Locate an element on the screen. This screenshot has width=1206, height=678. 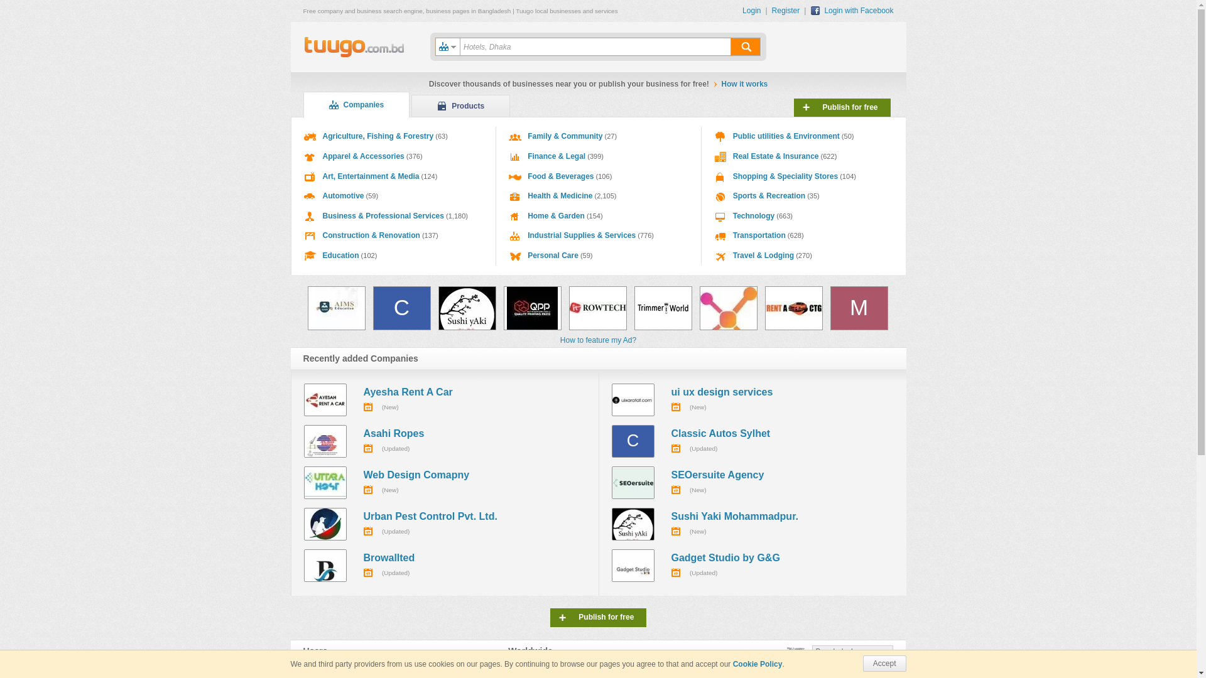
'How to feature my Ad?' is located at coordinates (597, 340).